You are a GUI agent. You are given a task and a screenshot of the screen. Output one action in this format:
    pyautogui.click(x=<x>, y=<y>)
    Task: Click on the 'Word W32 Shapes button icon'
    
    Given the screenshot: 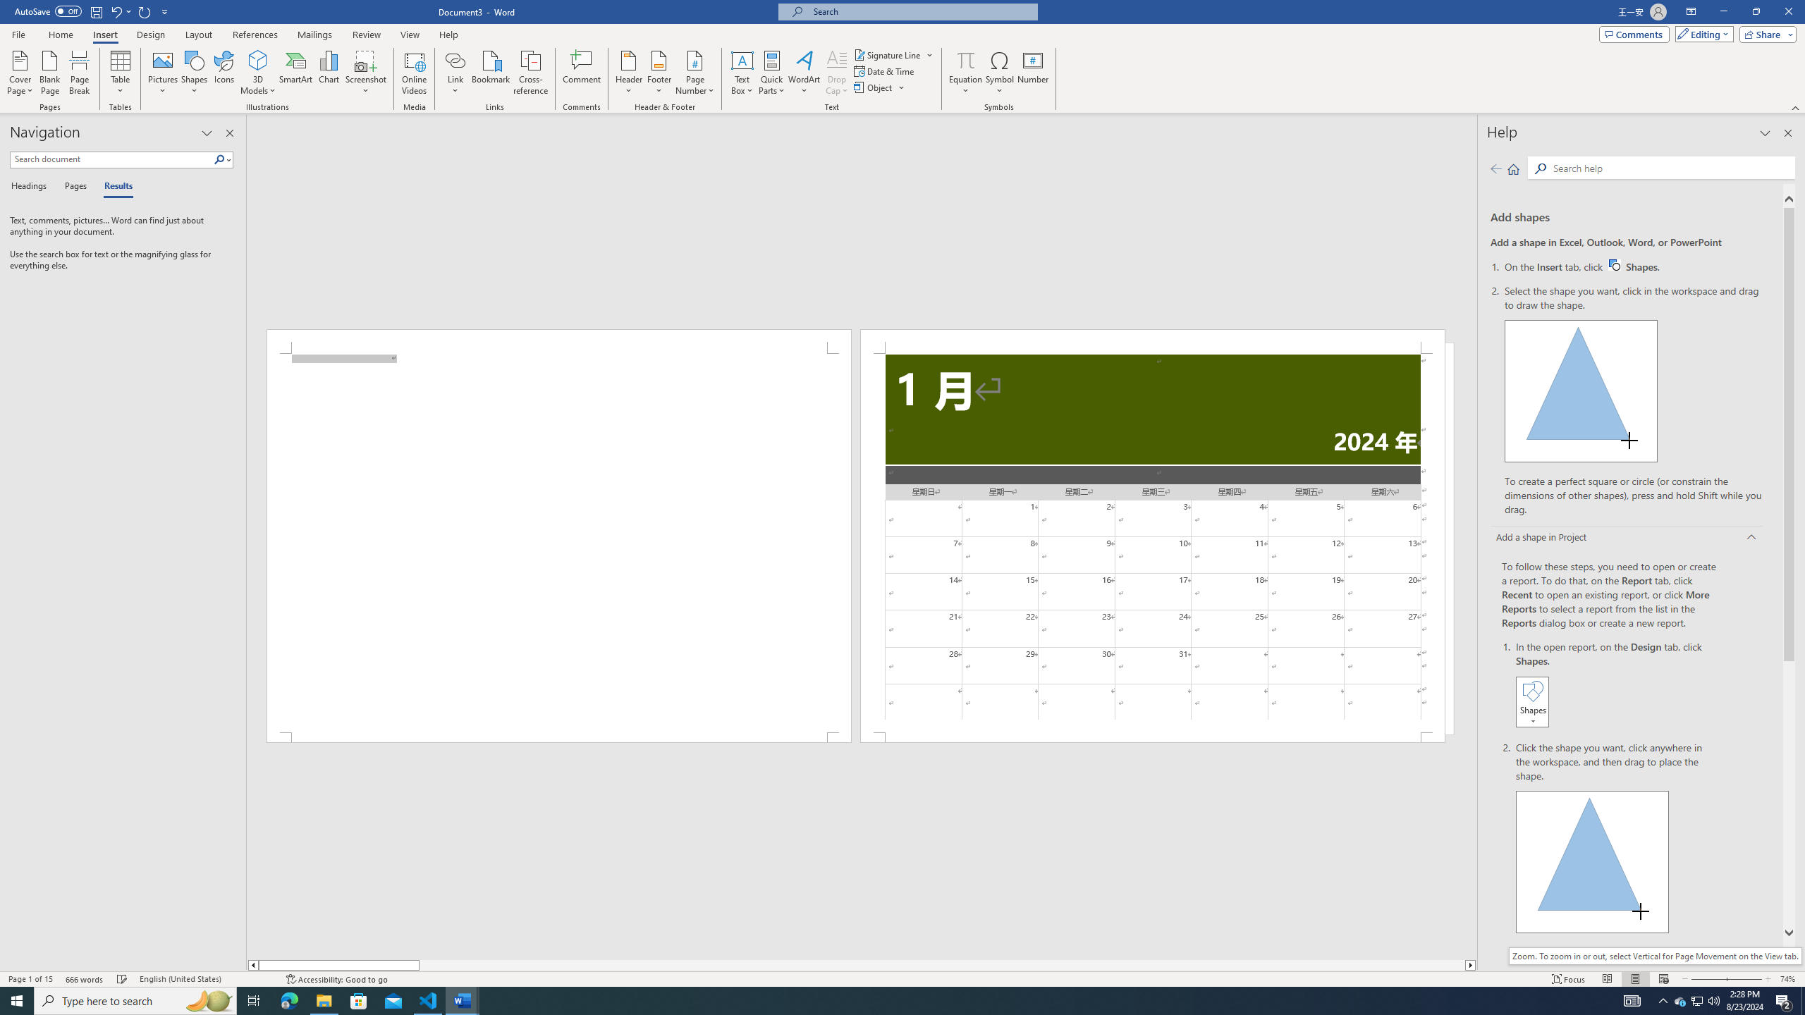 What is the action you would take?
    pyautogui.click(x=1613, y=264)
    